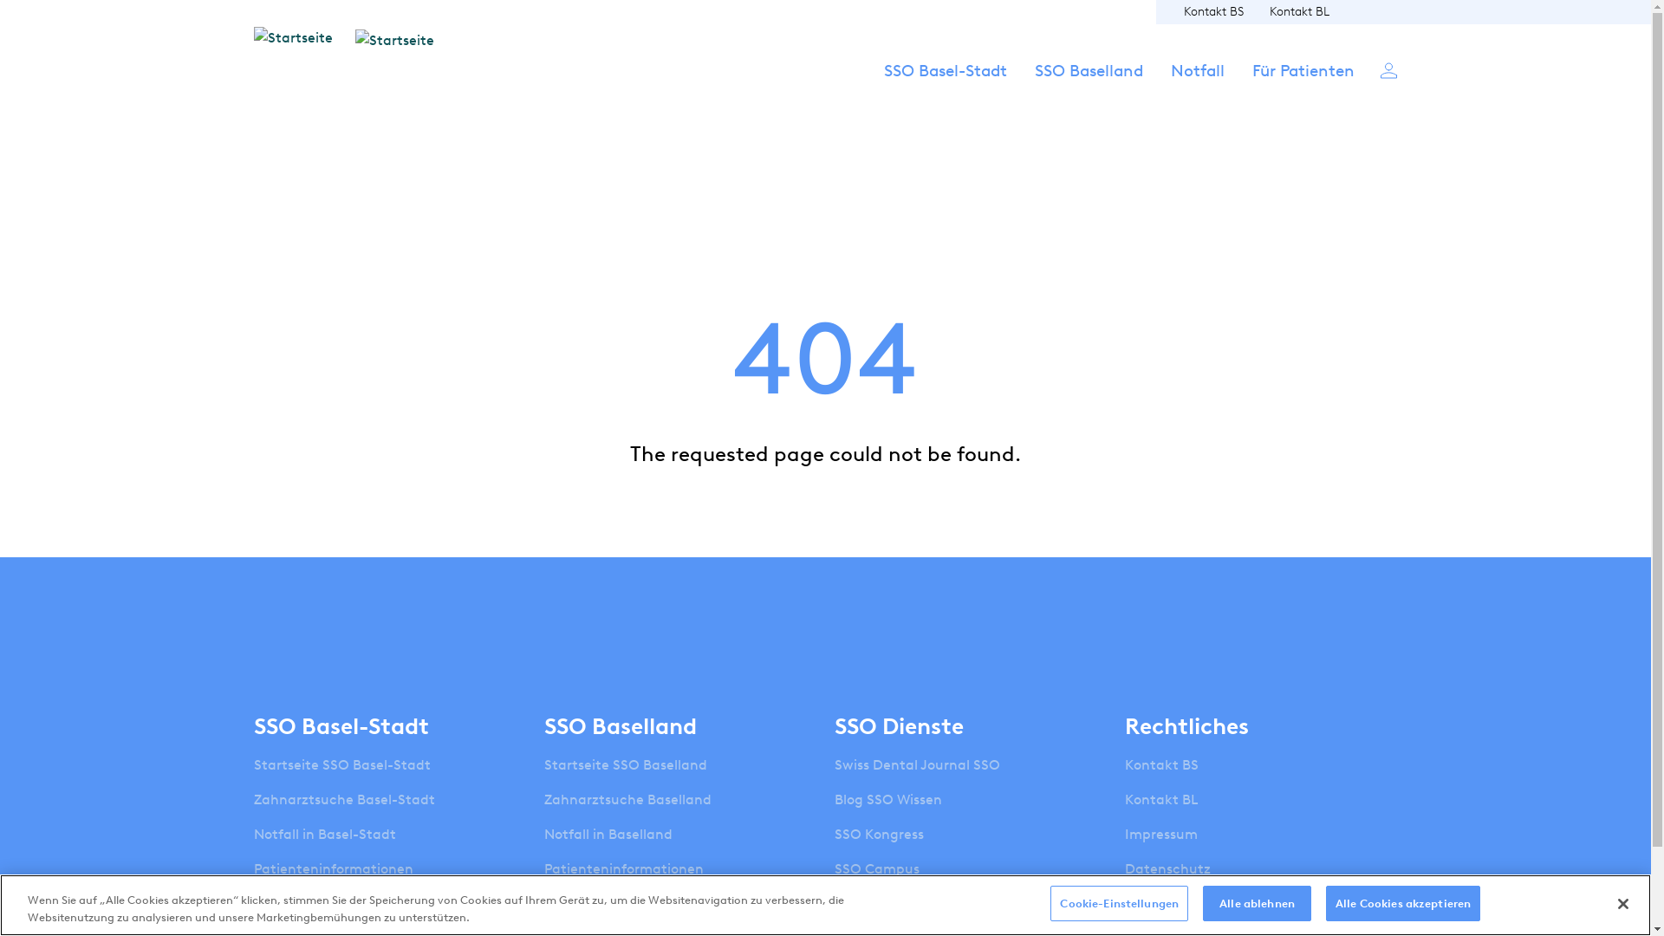 This screenshot has height=936, width=1664. What do you see at coordinates (1160, 834) in the screenshot?
I see `'Impressum'` at bounding box center [1160, 834].